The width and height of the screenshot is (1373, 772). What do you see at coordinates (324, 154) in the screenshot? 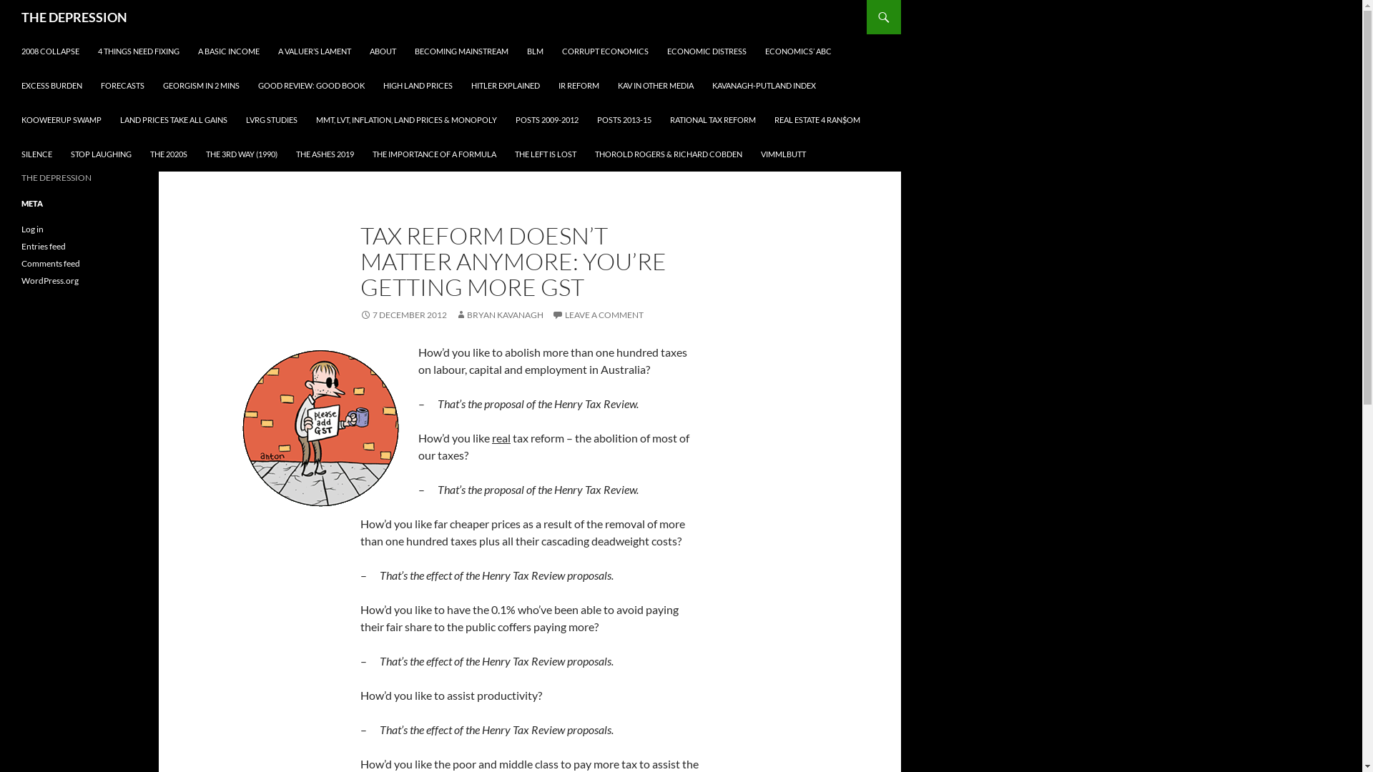
I see `'THE ASHES 2019'` at bounding box center [324, 154].